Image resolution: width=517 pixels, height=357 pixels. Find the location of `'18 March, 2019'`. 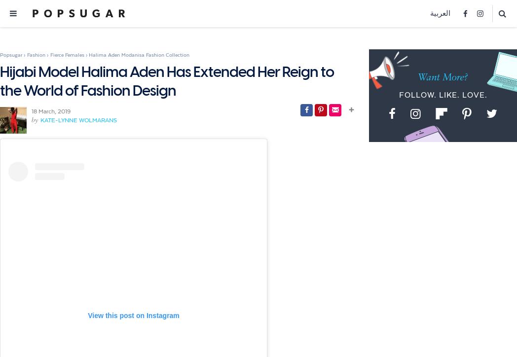

'18 March, 2019' is located at coordinates (50, 111).